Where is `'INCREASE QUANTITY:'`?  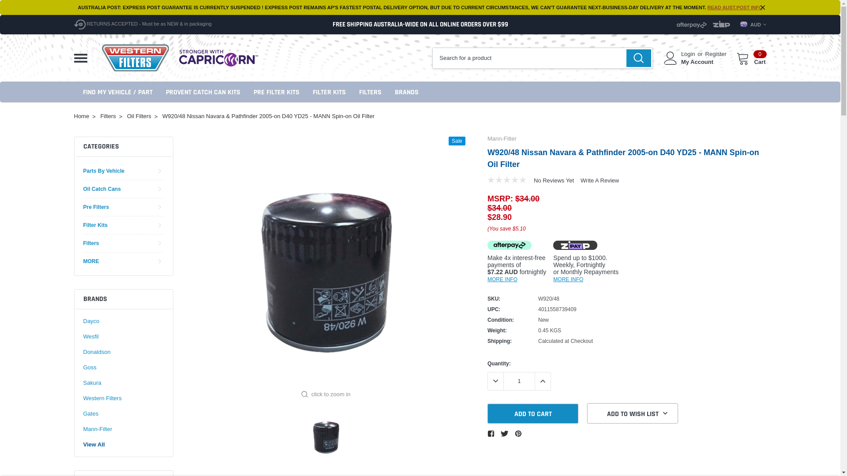 'INCREASE QUANTITY:' is located at coordinates (542, 380).